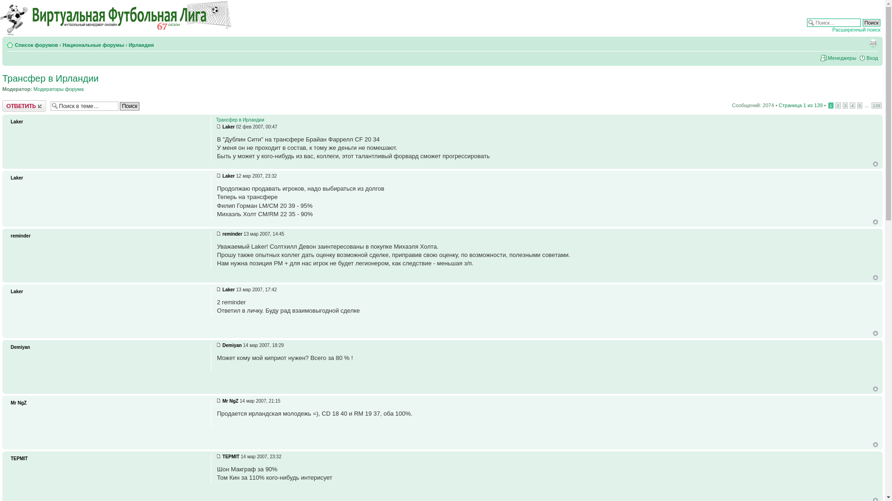 The image size is (892, 501). Describe the element at coordinates (859, 105) in the screenshot. I see `'5'` at that location.